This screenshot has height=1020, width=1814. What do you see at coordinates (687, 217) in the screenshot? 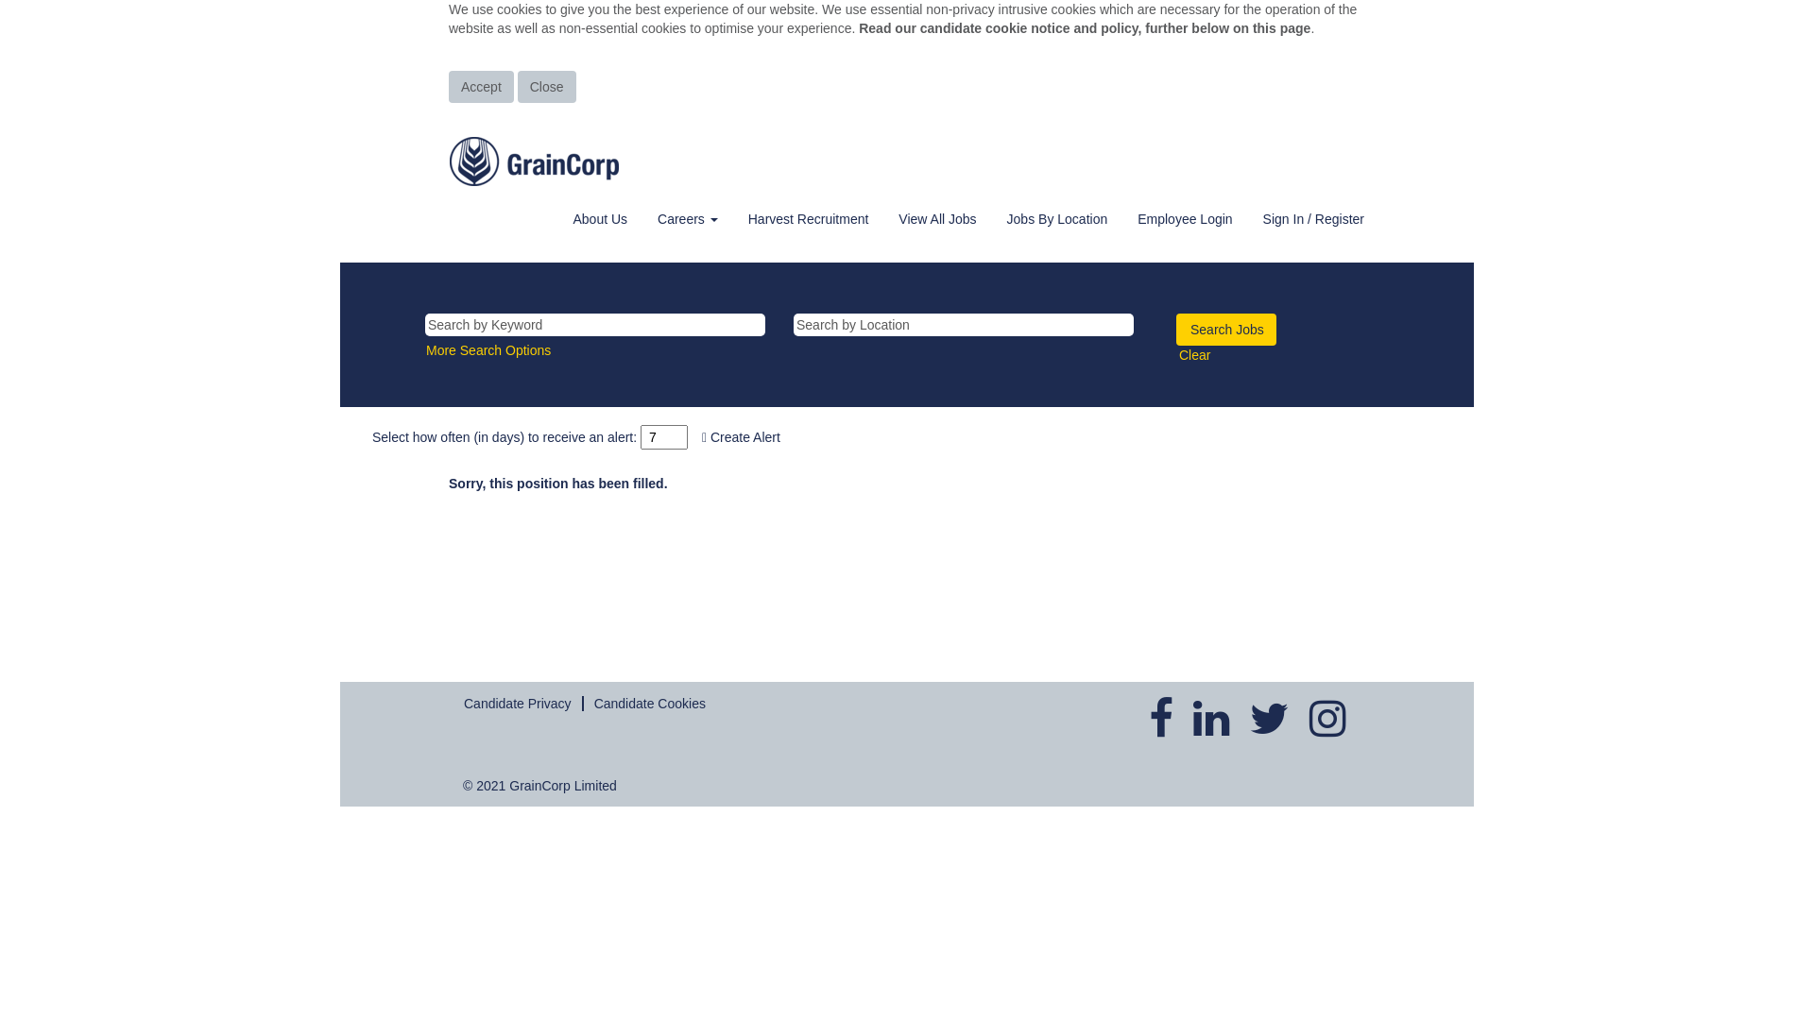
I see `'Careers'` at bounding box center [687, 217].